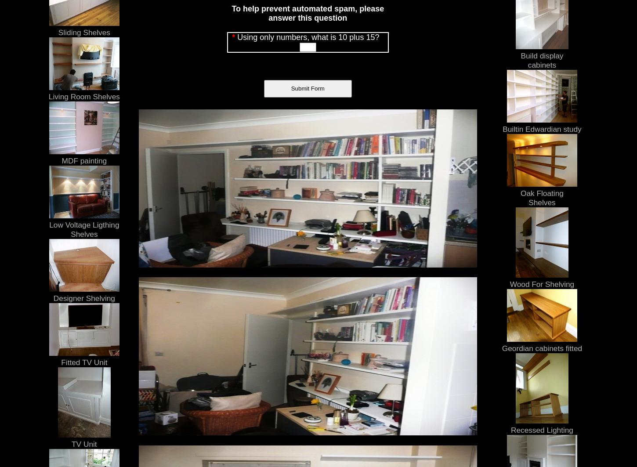  What do you see at coordinates (542, 283) in the screenshot?
I see `'Wood For Shelving'` at bounding box center [542, 283].